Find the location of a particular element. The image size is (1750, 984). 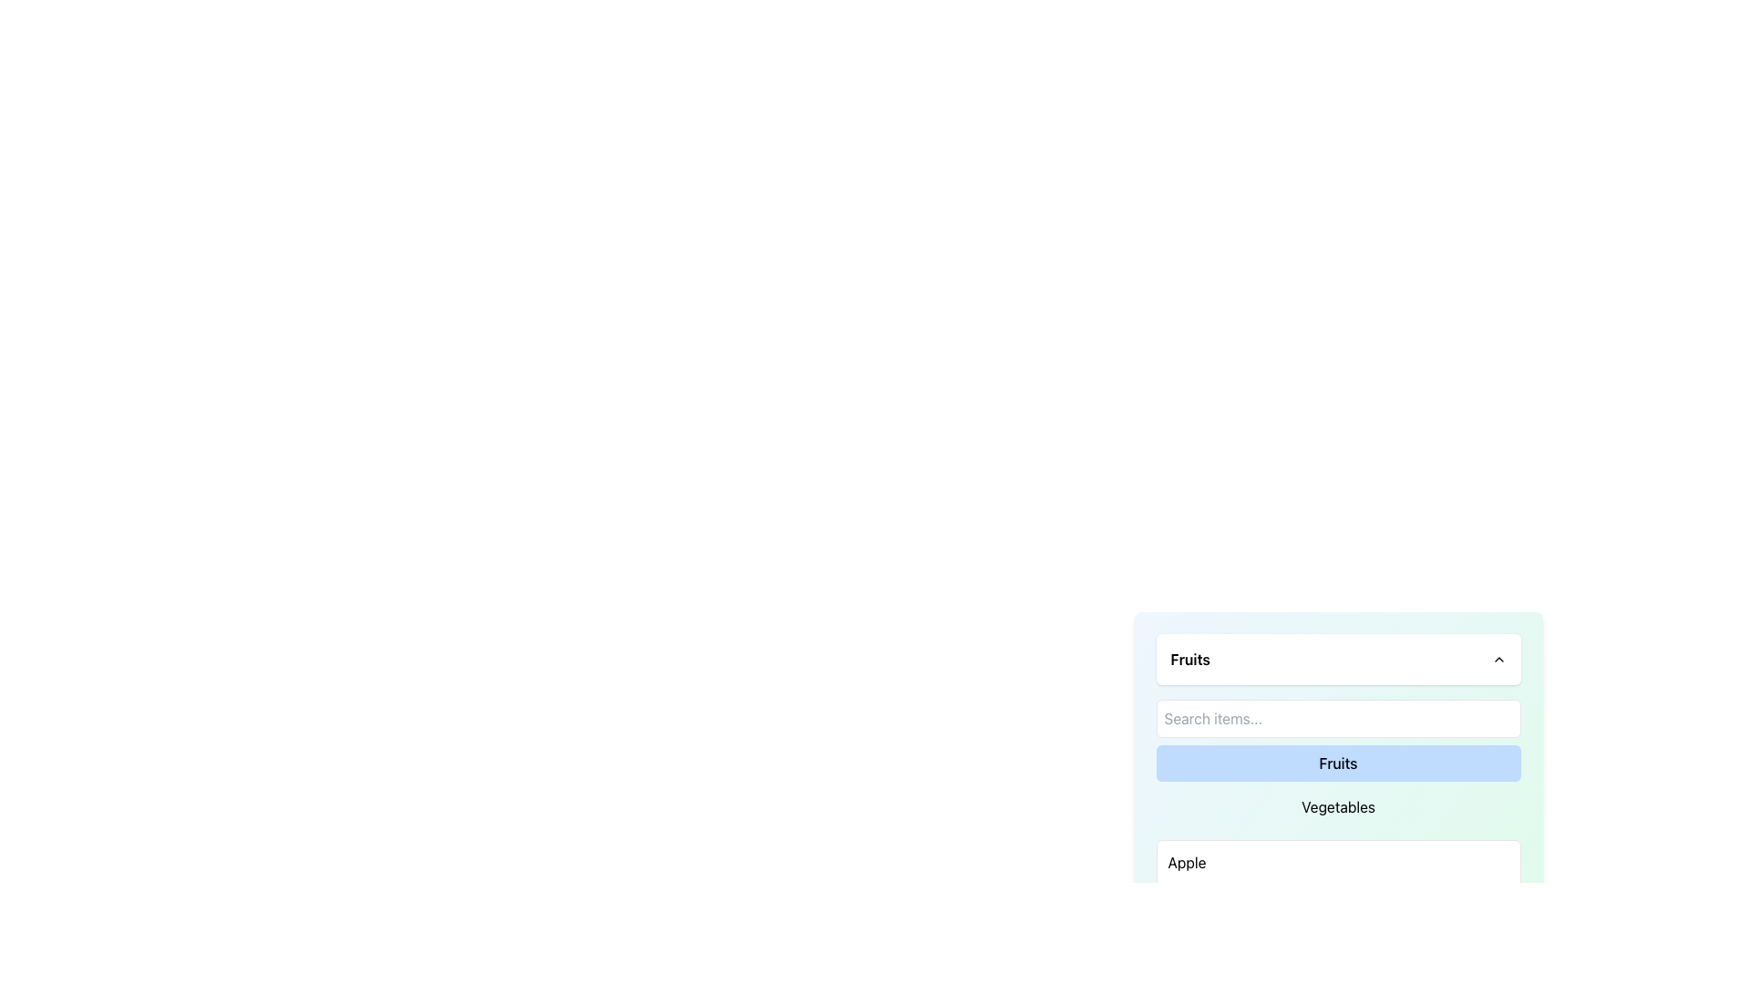

the 'Fruits' category button to observe its hover effect, which is the first button in the vertical list above the 'Vegetables' button is located at coordinates (1338, 763).